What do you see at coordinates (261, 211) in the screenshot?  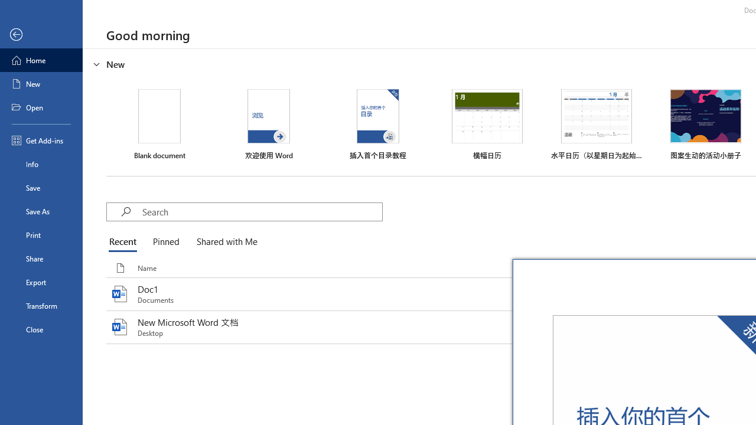 I see `'Search'` at bounding box center [261, 211].